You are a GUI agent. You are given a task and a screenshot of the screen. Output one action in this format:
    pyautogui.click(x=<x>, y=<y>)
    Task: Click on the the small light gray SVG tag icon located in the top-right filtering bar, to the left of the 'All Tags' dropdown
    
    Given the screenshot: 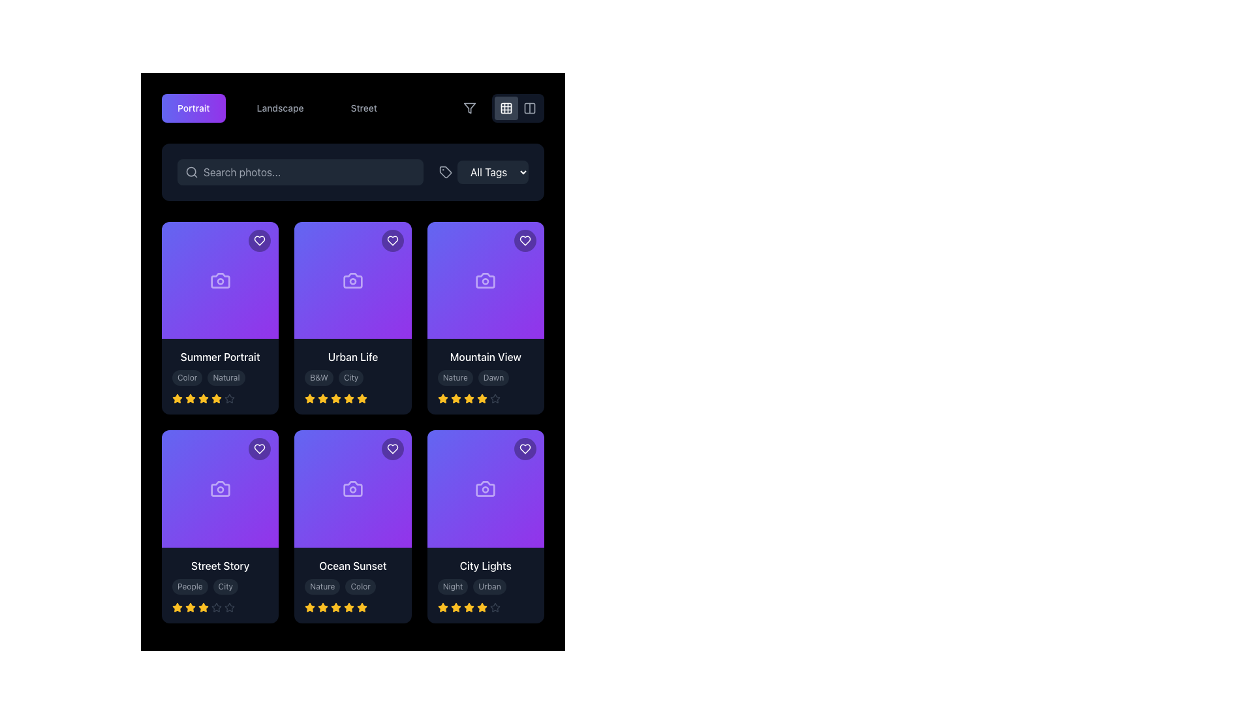 What is the action you would take?
    pyautogui.click(x=445, y=171)
    